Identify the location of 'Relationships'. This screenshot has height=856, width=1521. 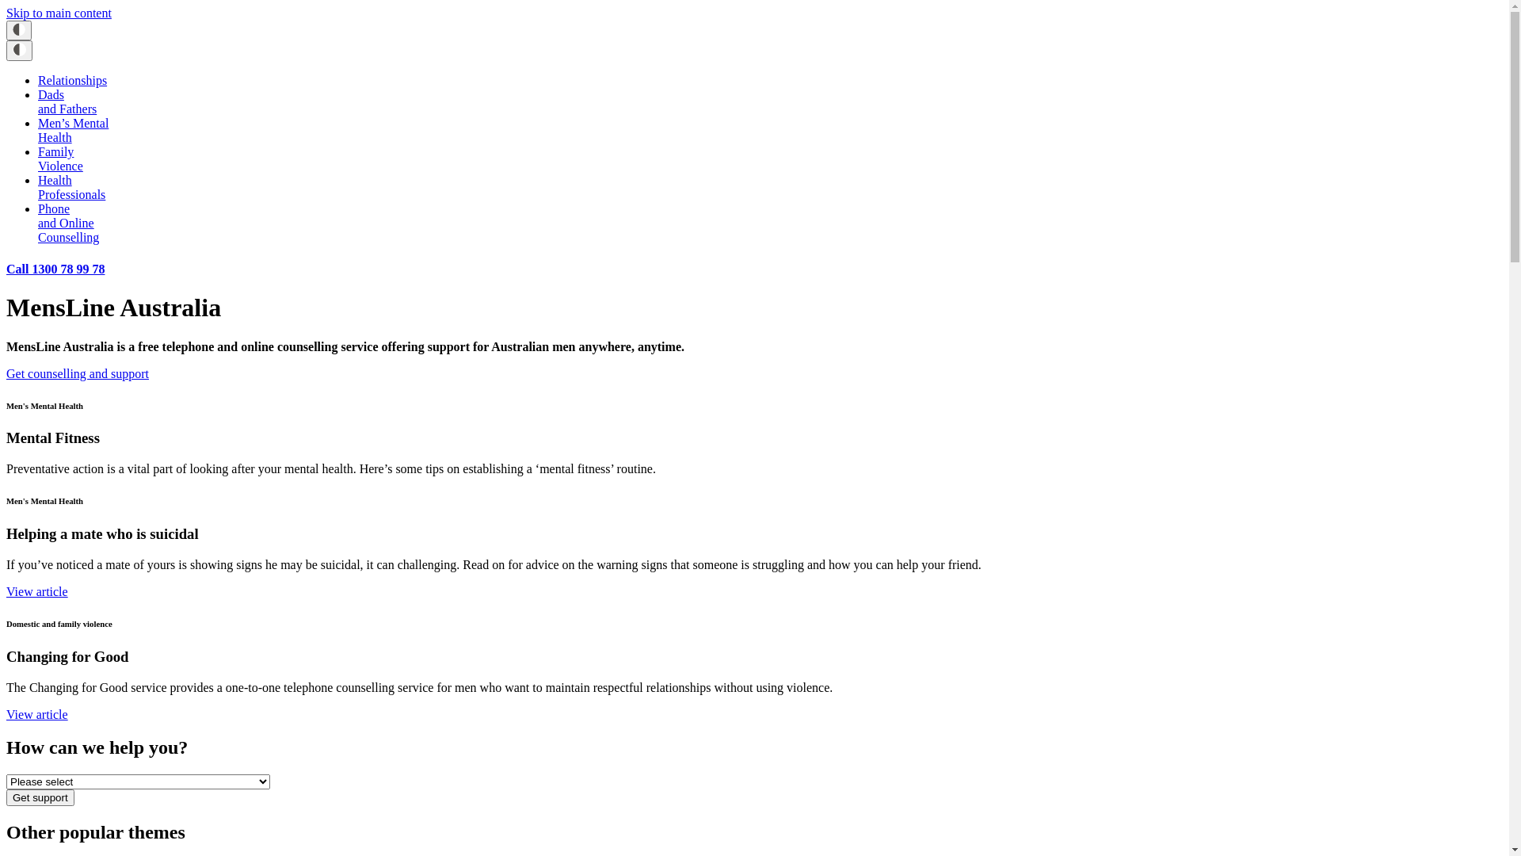
(71, 80).